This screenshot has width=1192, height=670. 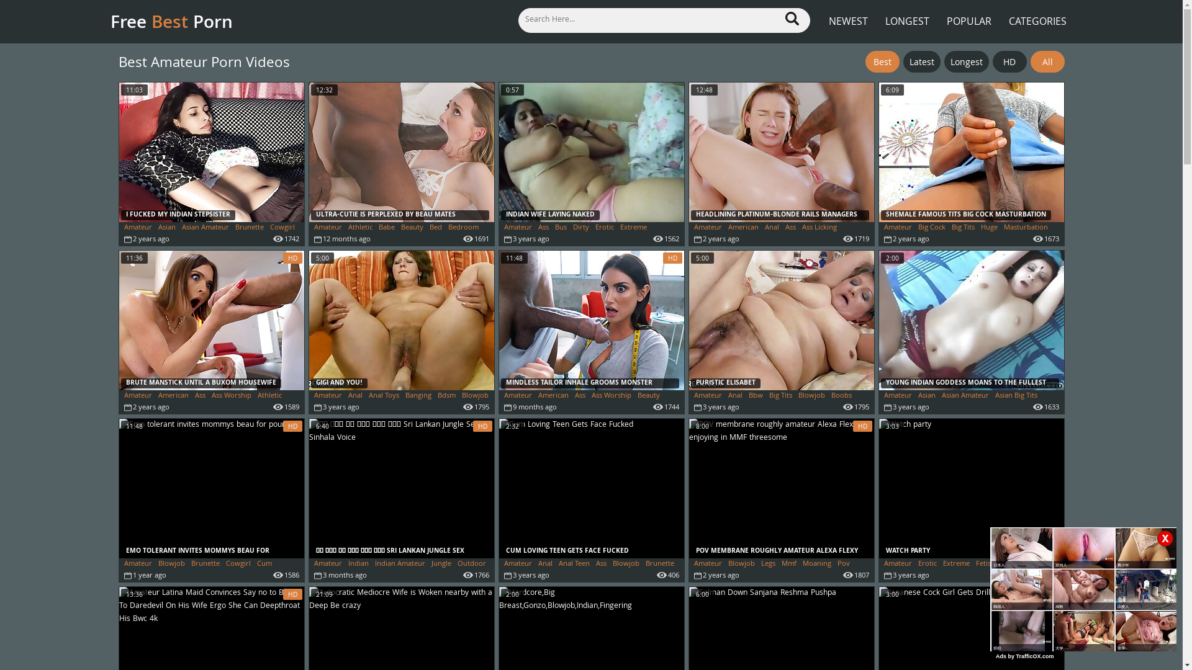 What do you see at coordinates (211, 151) in the screenshot?
I see `'I FUCKED MY INDIAN STEPSISTER'` at bounding box center [211, 151].